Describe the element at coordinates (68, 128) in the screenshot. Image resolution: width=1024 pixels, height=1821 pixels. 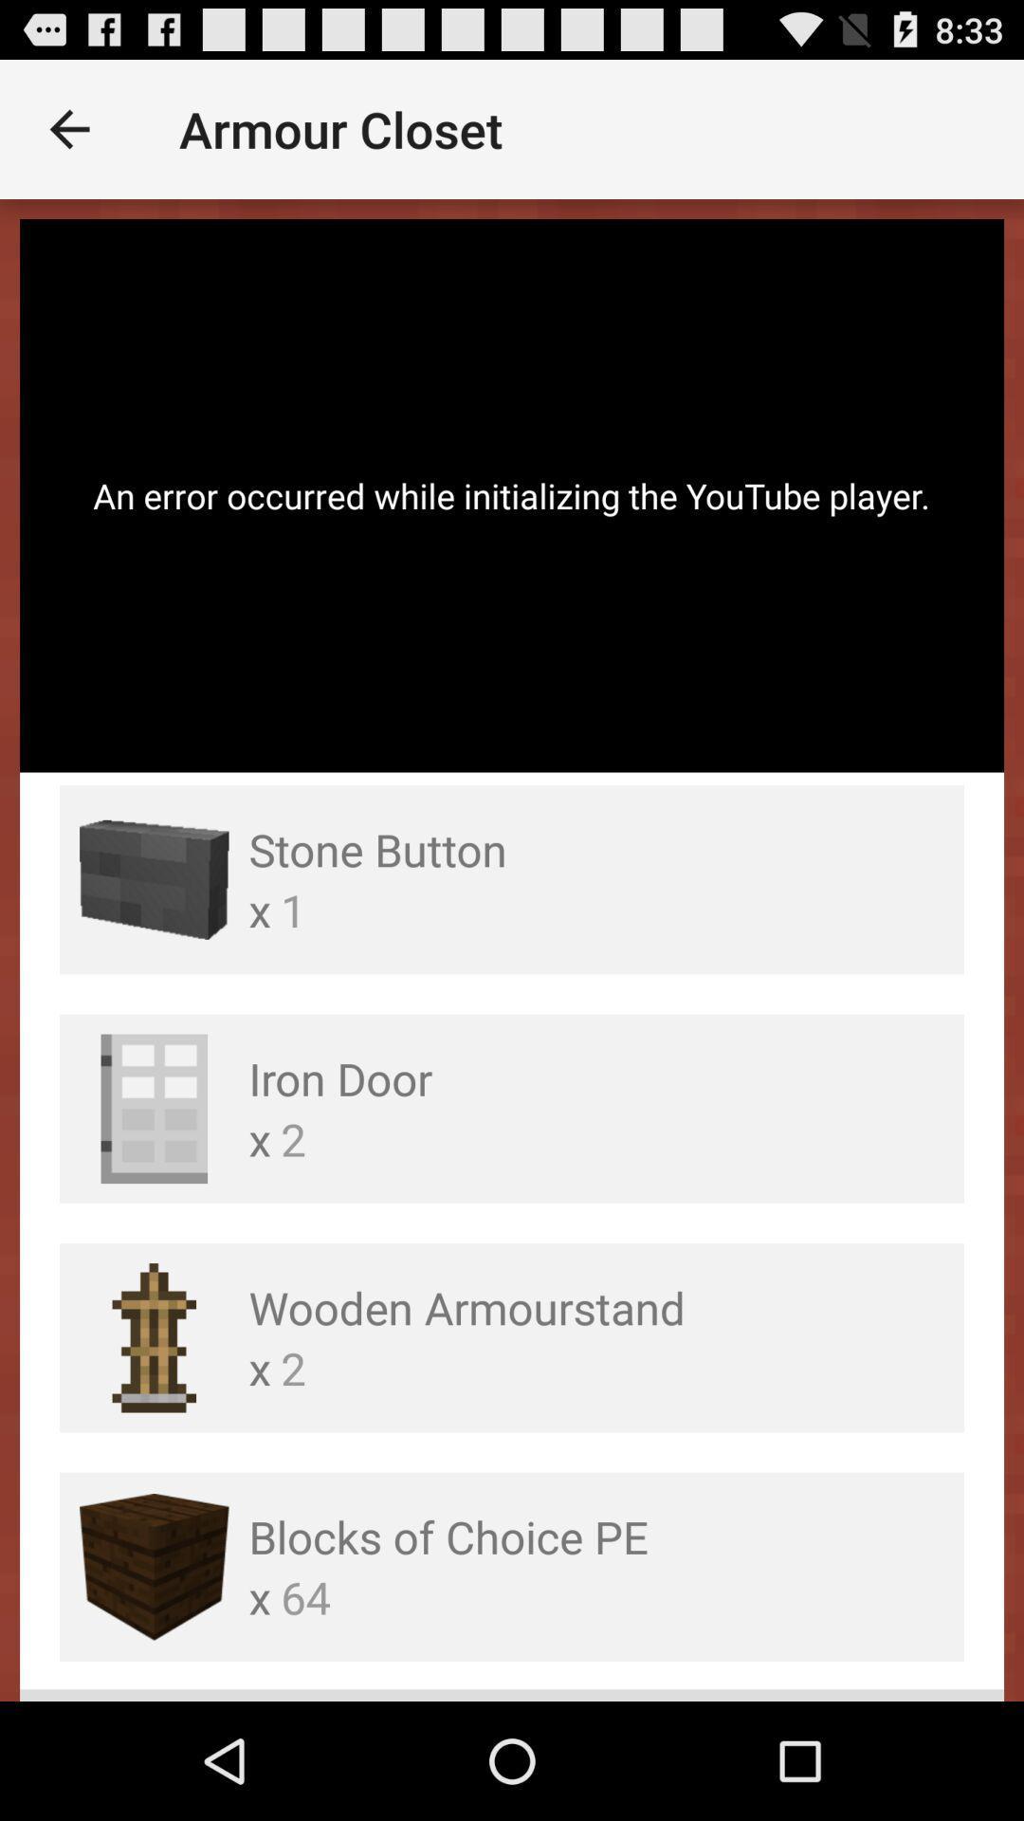
I see `the icon to the left of the armour closet item` at that location.